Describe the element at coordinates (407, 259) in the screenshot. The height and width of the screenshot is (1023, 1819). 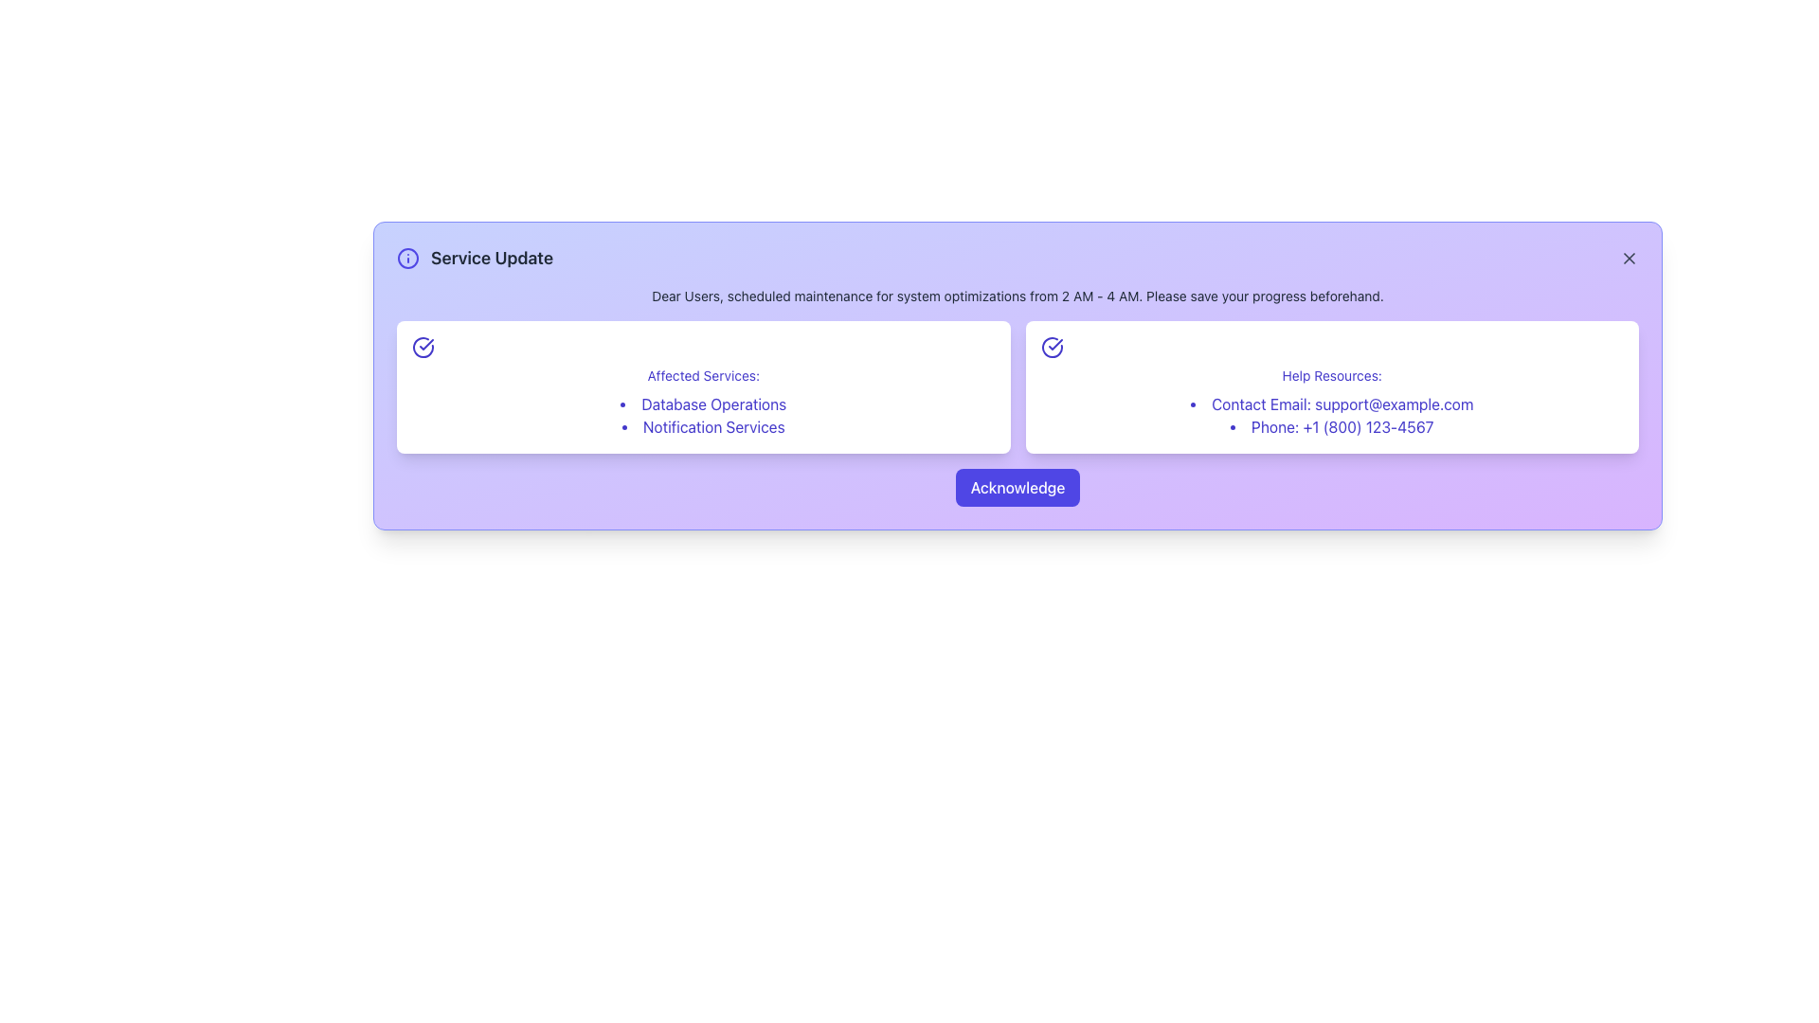
I see `the innermost circle element within the SVG graphic that emphasizes a point or action` at that location.